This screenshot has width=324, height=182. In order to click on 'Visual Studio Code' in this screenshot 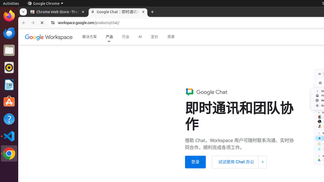, I will do `click(9, 136)`.